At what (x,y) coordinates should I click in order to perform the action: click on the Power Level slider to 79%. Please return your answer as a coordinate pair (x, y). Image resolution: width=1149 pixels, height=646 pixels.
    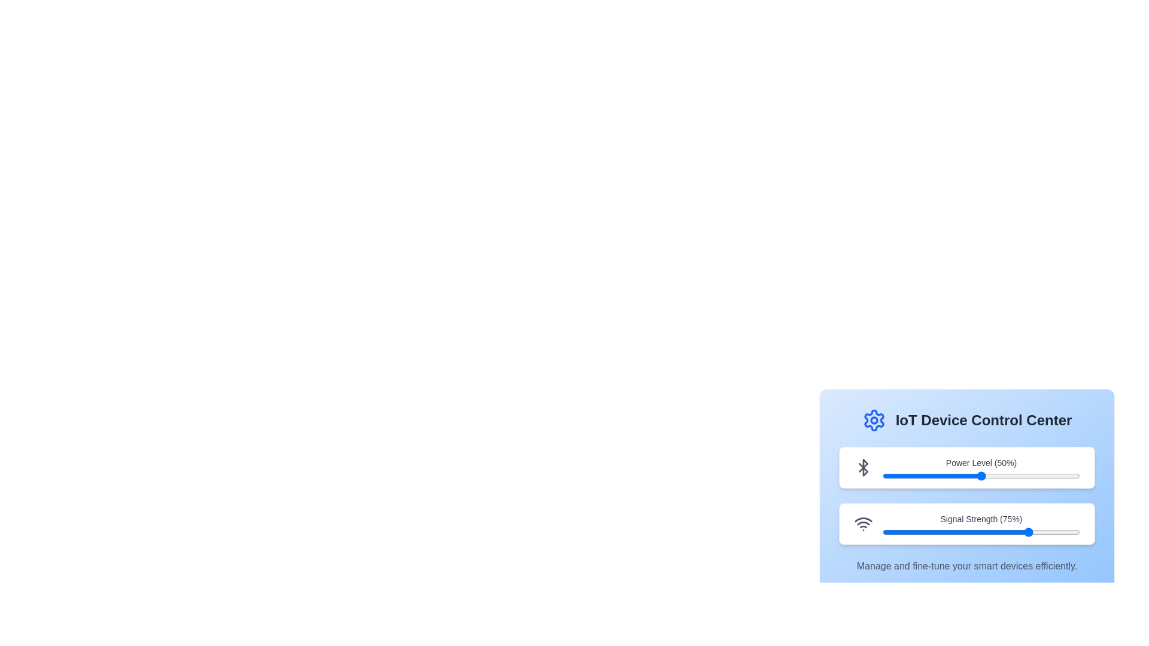
    Looking at the image, I should click on (1038, 475).